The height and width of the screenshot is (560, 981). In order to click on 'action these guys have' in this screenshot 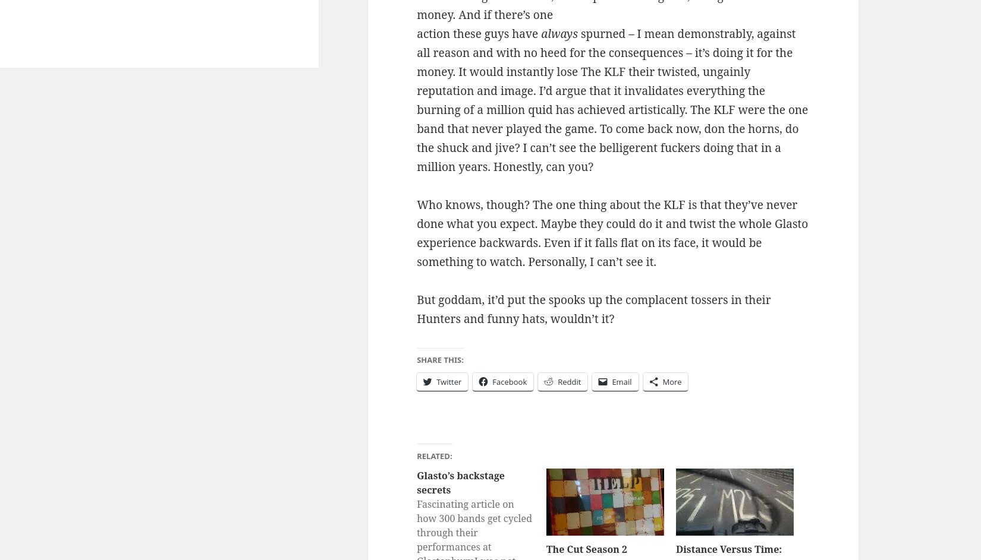, I will do `click(478, 33)`.